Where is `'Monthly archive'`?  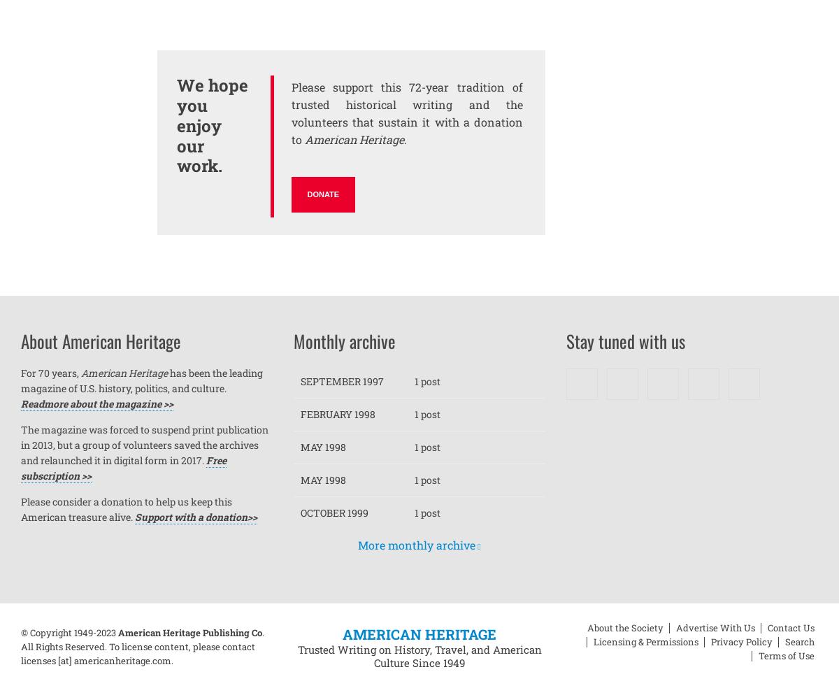 'Monthly archive' is located at coordinates (343, 341).